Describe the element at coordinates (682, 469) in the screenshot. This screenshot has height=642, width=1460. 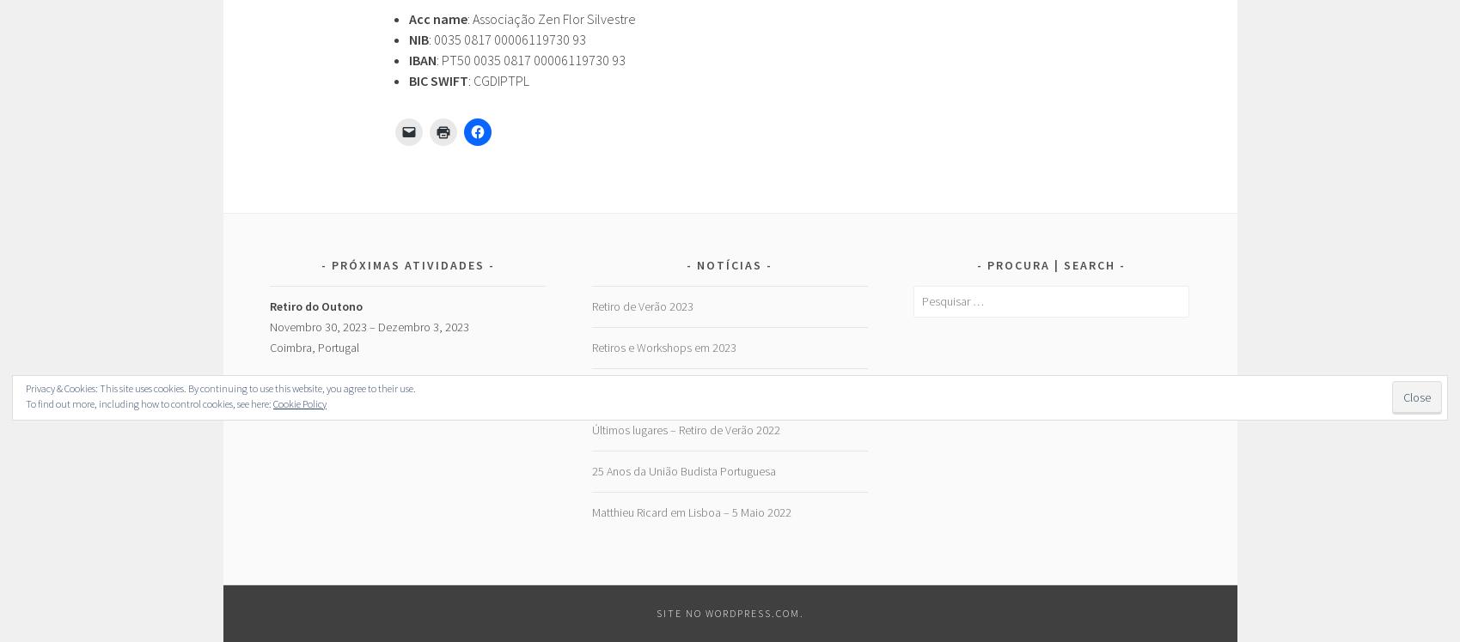
I see `'25 Anos da União Budista Portuguesa'` at that location.